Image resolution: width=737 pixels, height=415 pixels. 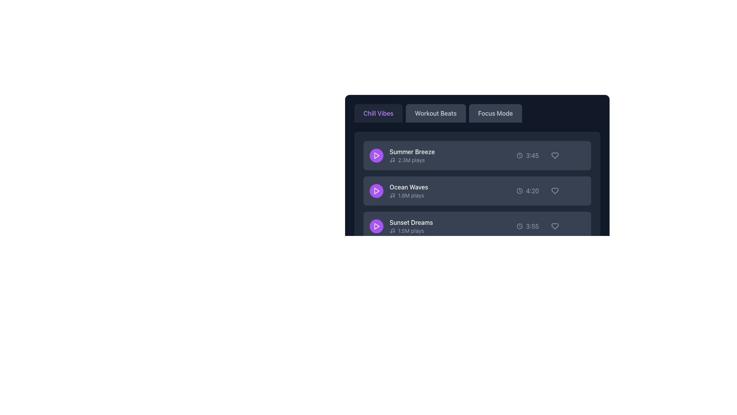 What do you see at coordinates (410, 231) in the screenshot?
I see `the text label displaying '1.5M plays', which is located directly below the song title 'Sunset Dreams' in the third row of the list interface` at bounding box center [410, 231].